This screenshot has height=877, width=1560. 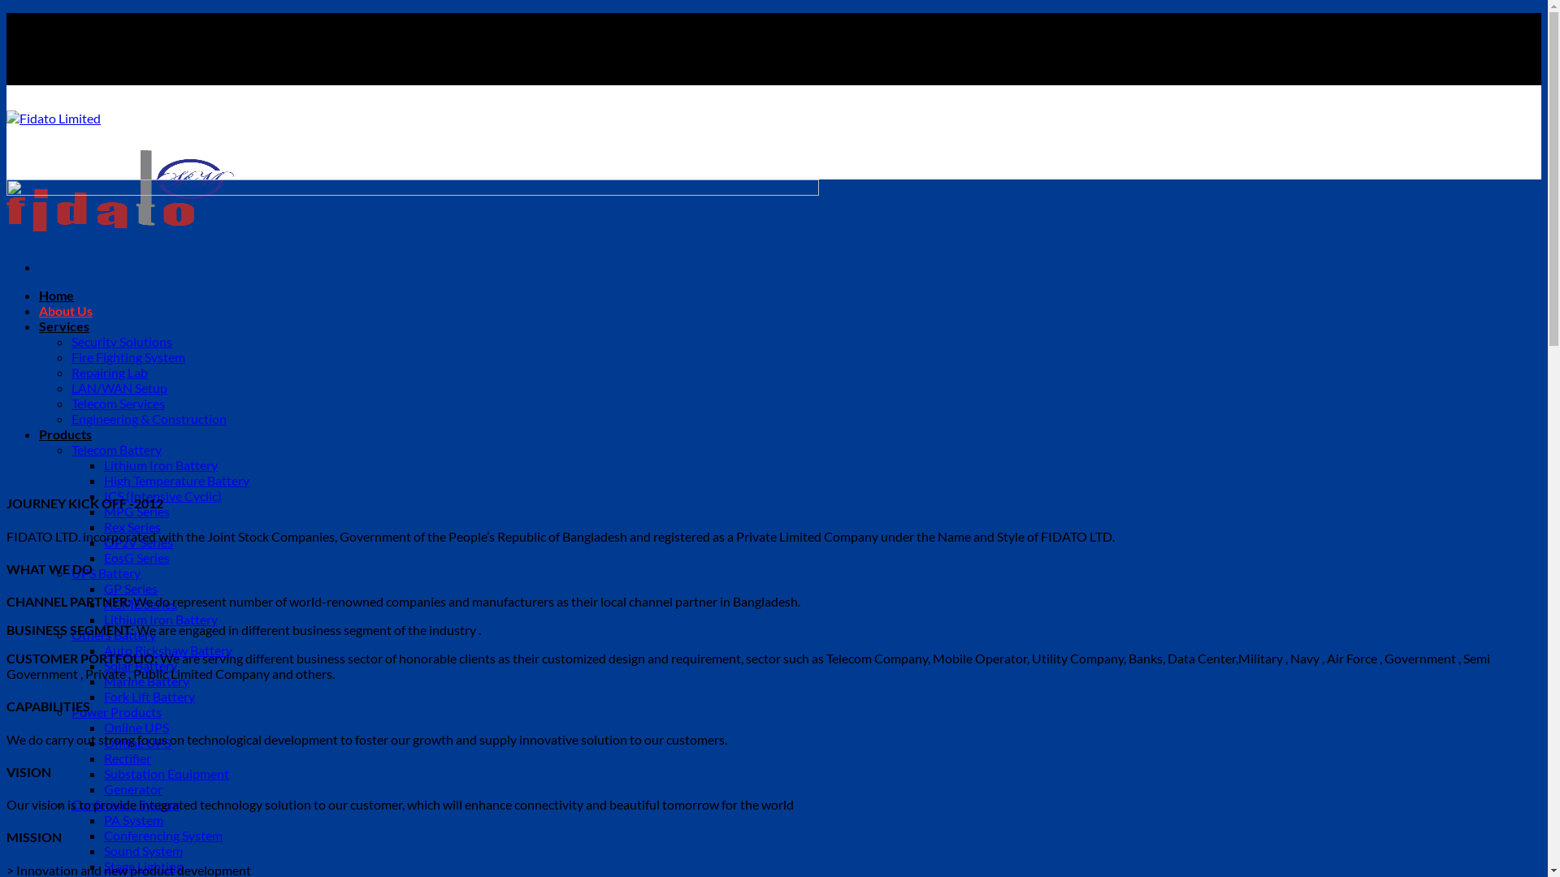 What do you see at coordinates (70, 402) in the screenshot?
I see `'Telecom Services'` at bounding box center [70, 402].